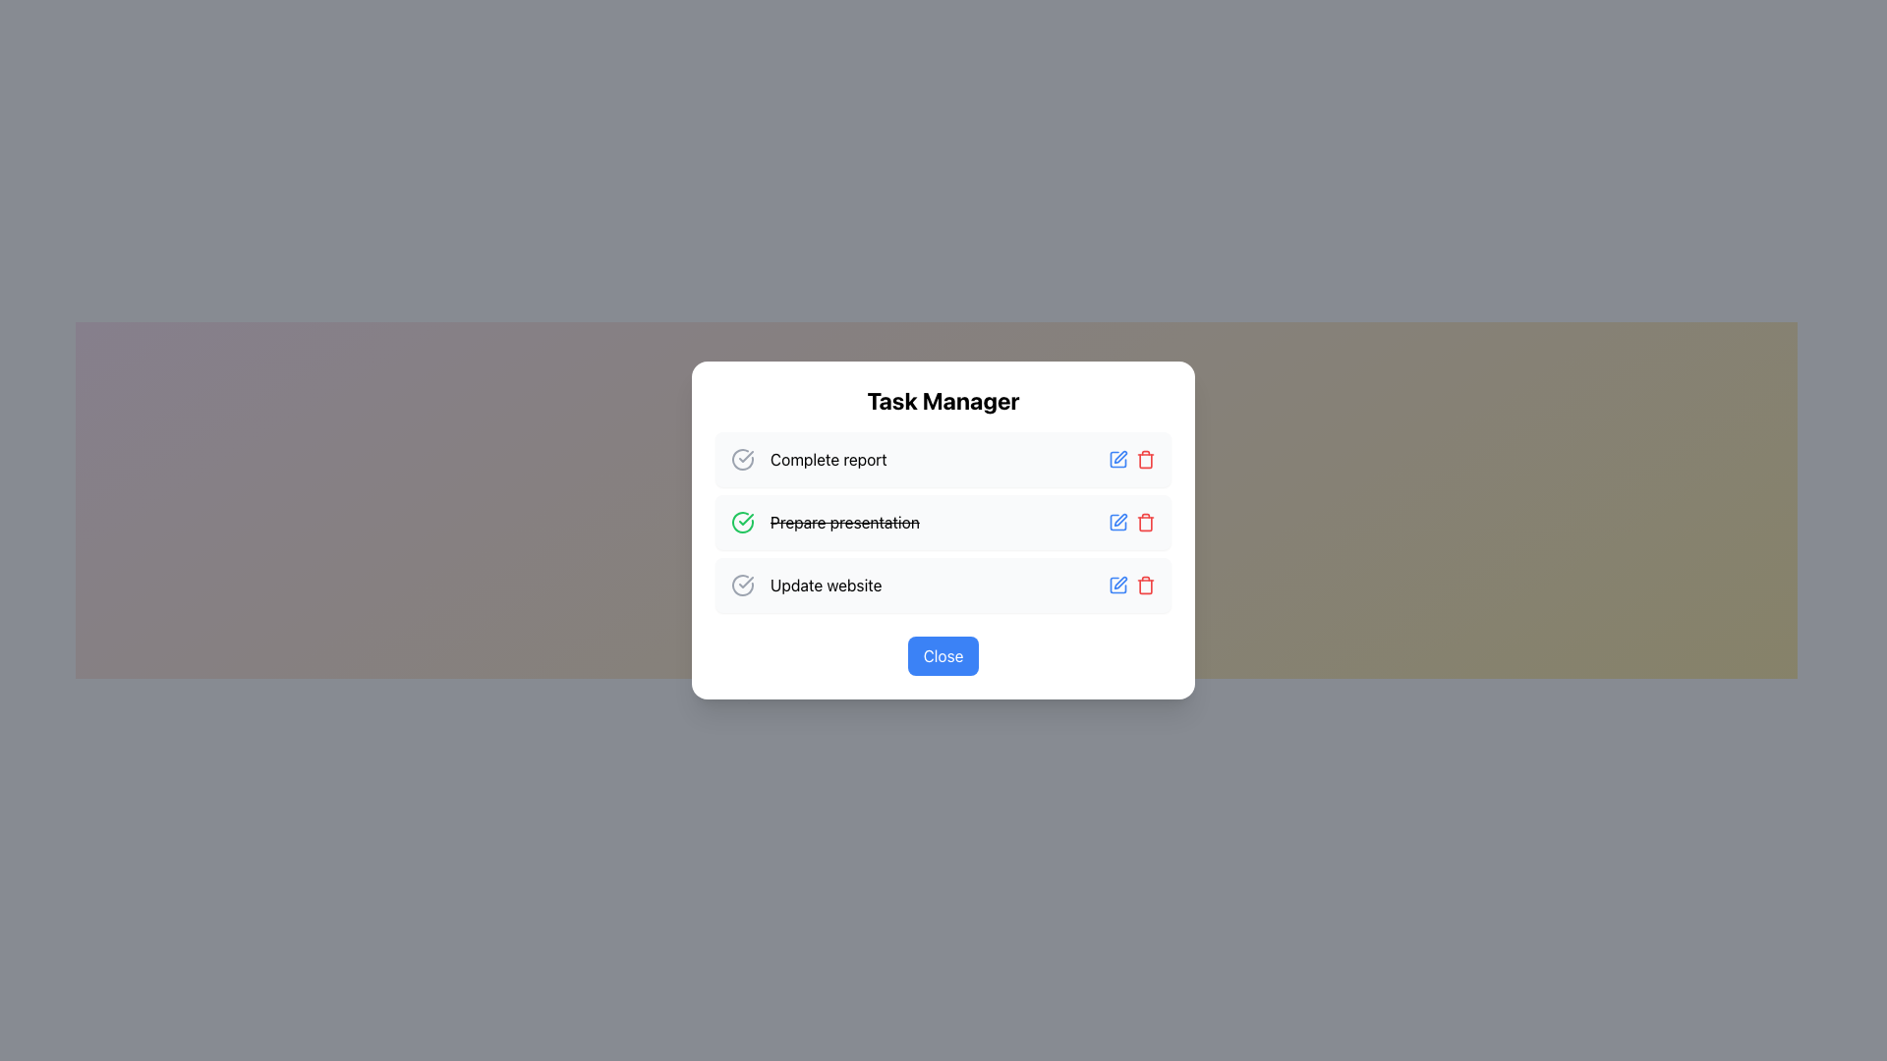 The image size is (1887, 1061). Describe the element at coordinates (1132, 522) in the screenshot. I see `the edit button within the composite element for the task 'Prepare presentation'` at that location.